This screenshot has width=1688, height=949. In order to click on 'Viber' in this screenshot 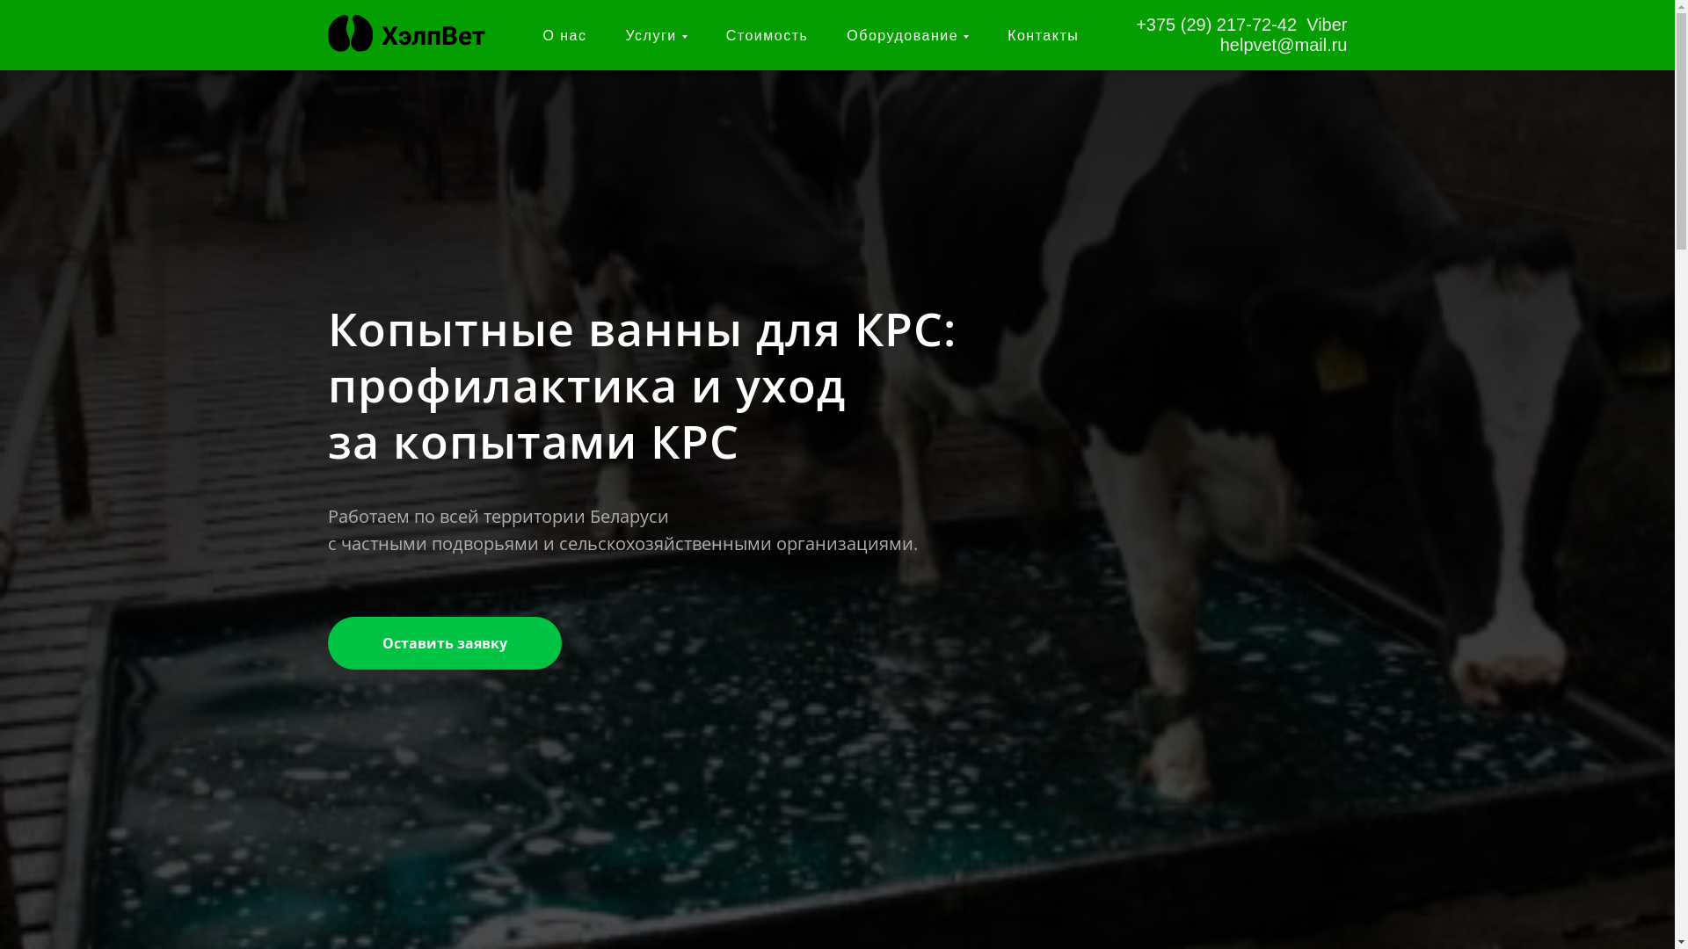, I will do `click(1326, 24)`.